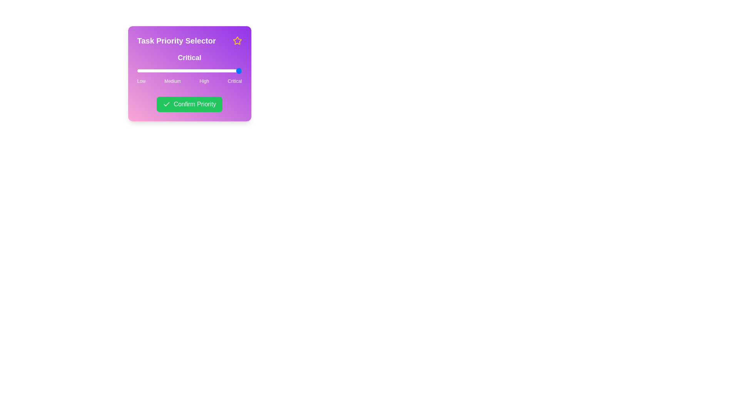 This screenshot has width=739, height=416. Describe the element at coordinates (172, 71) in the screenshot. I see `the priority level` at that location.